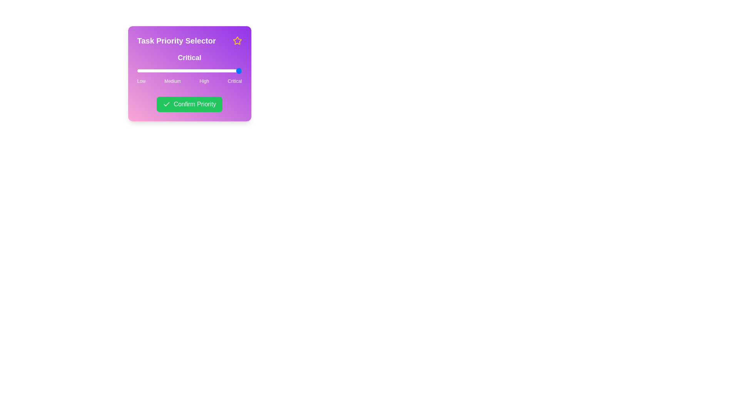 This screenshot has width=739, height=416. Describe the element at coordinates (172, 71) in the screenshot. I see `the priority level` at that location.